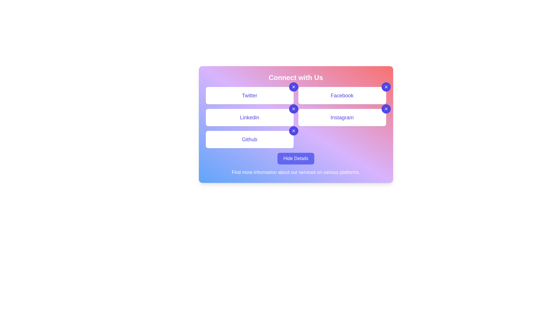  I want to click on the informational text block located directly below the 'Hide Details' button in the 'Connect with Us' section, so click(296, 172).